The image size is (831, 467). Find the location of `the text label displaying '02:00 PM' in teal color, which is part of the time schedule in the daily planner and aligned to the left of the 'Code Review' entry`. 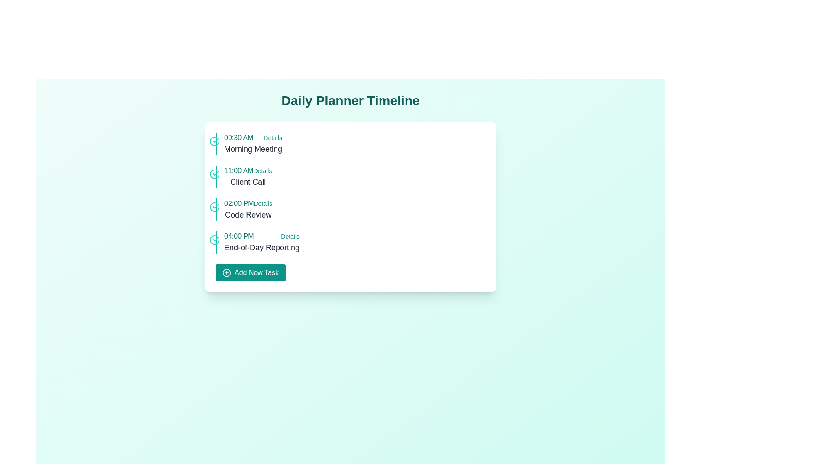

the text label displaying '02:00 PM' in teal color, which is part of the time schedule in the daily planner and aligned to the left of the 'Code Review' entry is located at coordinates (239, 203).